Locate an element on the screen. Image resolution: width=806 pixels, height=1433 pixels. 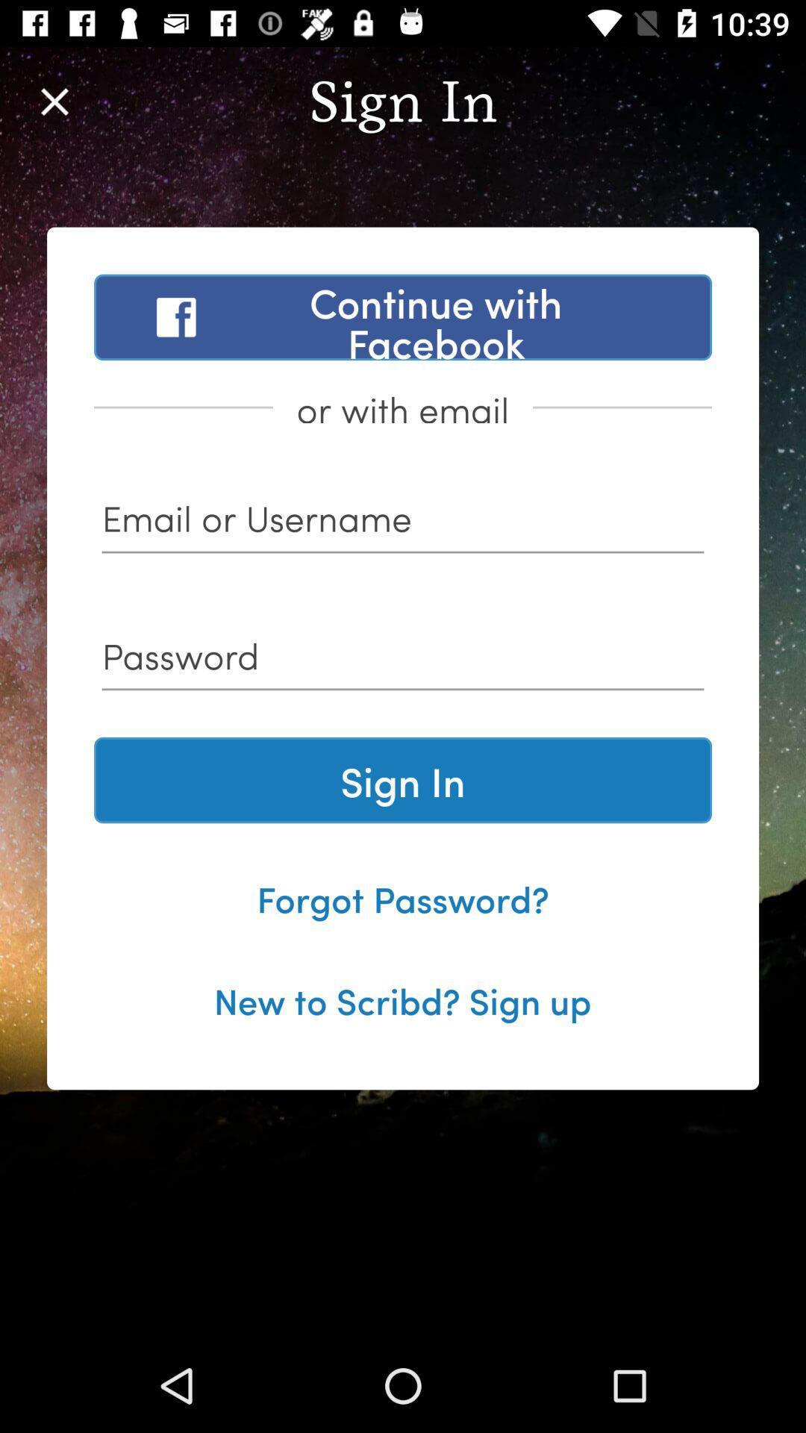
continue with facebook icon is located at coordinates (403, 316).